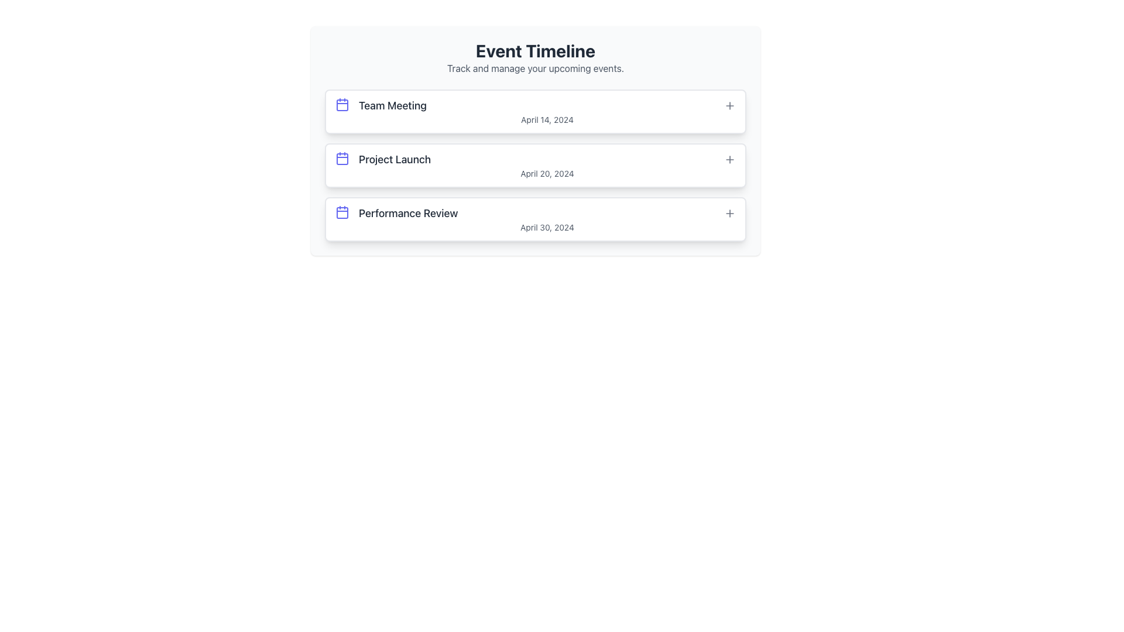  What do you see at coordinates (342, 158) in the screenshot?
I see `the calendar icon located to the left of the 'Project Launch' text` at bounding box center [342, 158].